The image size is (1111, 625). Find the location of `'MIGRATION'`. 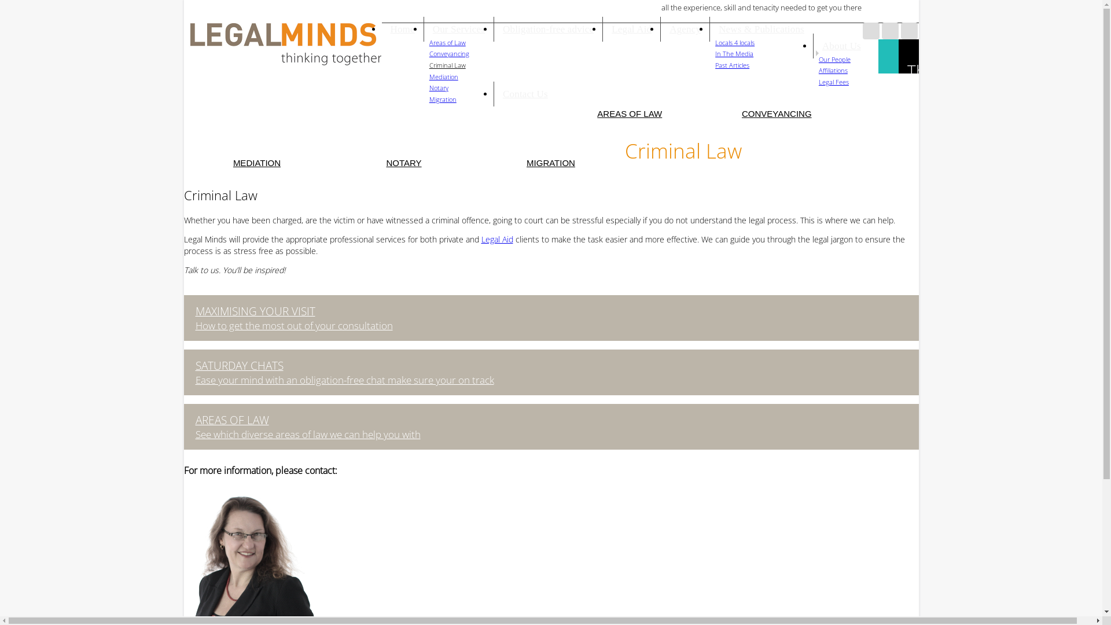

'MIGRATION' is located at coordinates (551, 161).